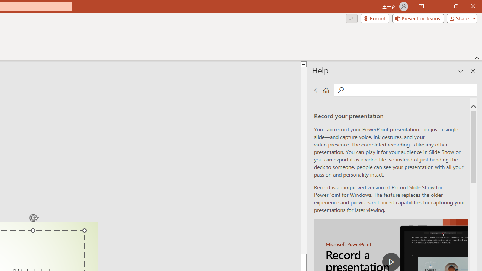 The image size is (482, 271). I want to click on 'Task Pane Options', so click(461, 71).